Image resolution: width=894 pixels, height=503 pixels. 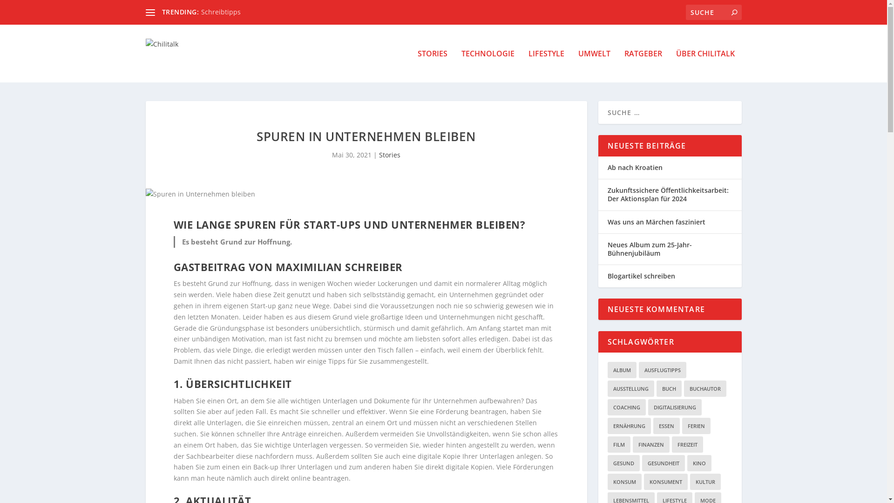 I want to click on 'Schreibtipps', so click(x=201, y=12).